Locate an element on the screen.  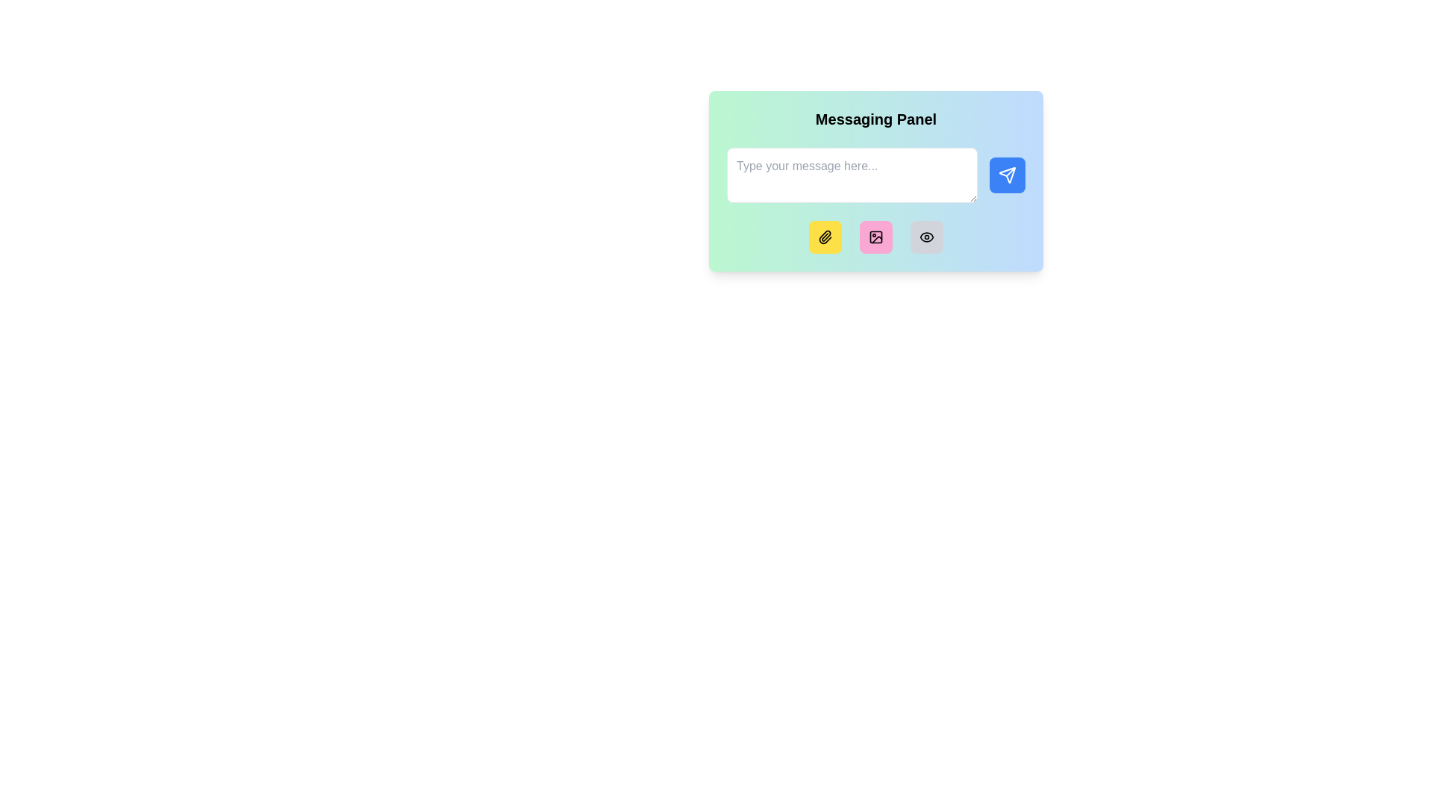
the image functionalities icon located in the messaging panel toolbar, positioned between the yellow attachment icon and the gray eye icon is located at coordinates (876, 236).